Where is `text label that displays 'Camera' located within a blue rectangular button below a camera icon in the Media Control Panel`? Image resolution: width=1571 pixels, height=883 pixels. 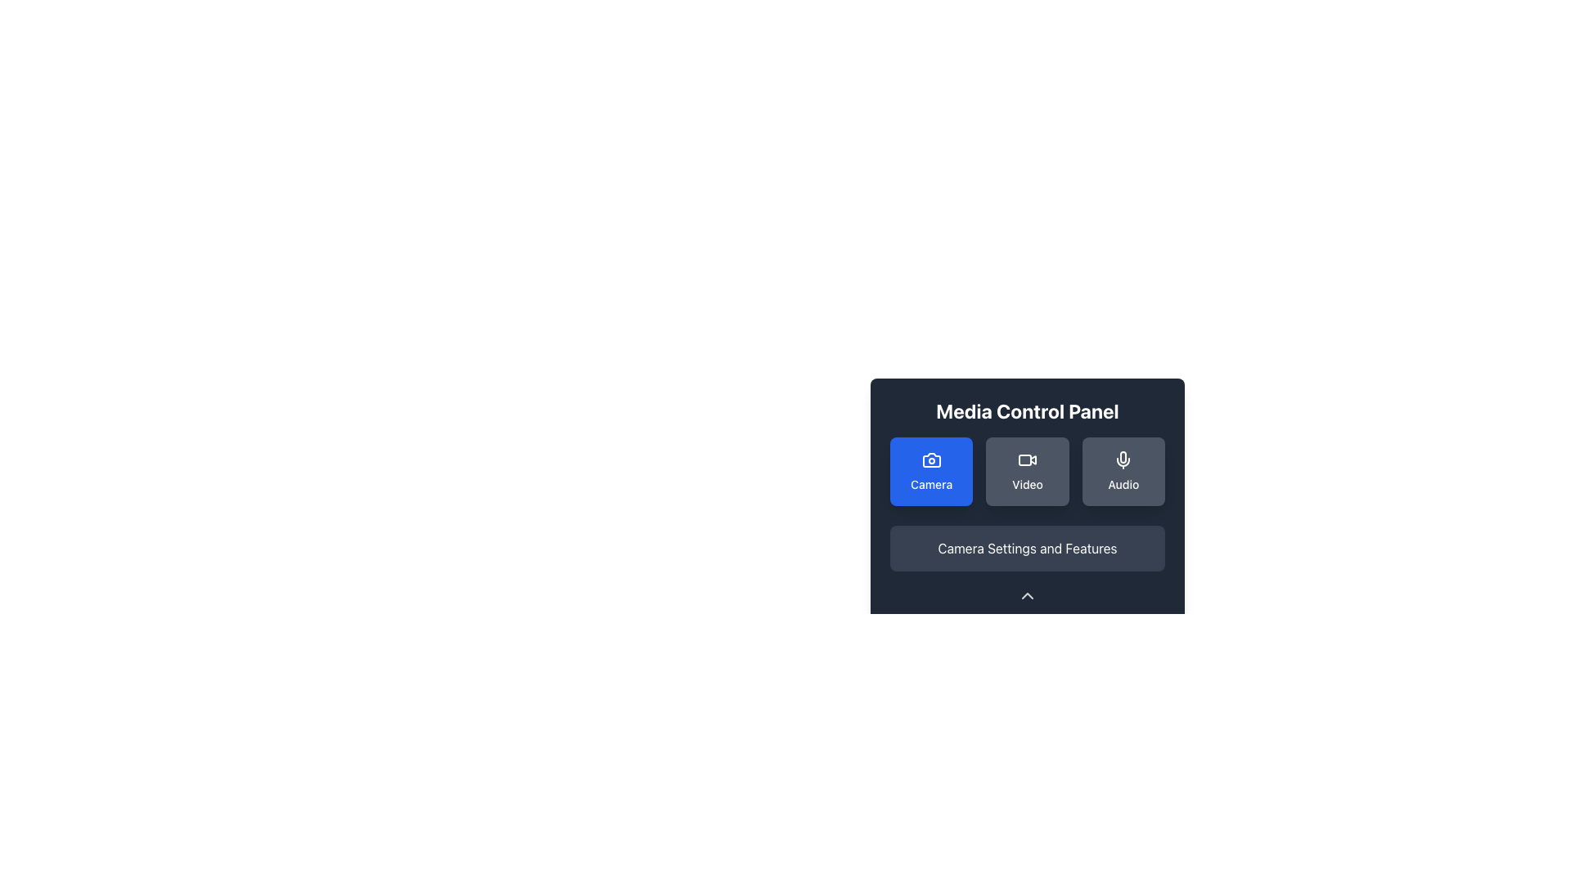
text label that displays 'Camera' located within a blue rectangular button below a camera icon in the Media Control Panel is located at coordinates (931, 484).